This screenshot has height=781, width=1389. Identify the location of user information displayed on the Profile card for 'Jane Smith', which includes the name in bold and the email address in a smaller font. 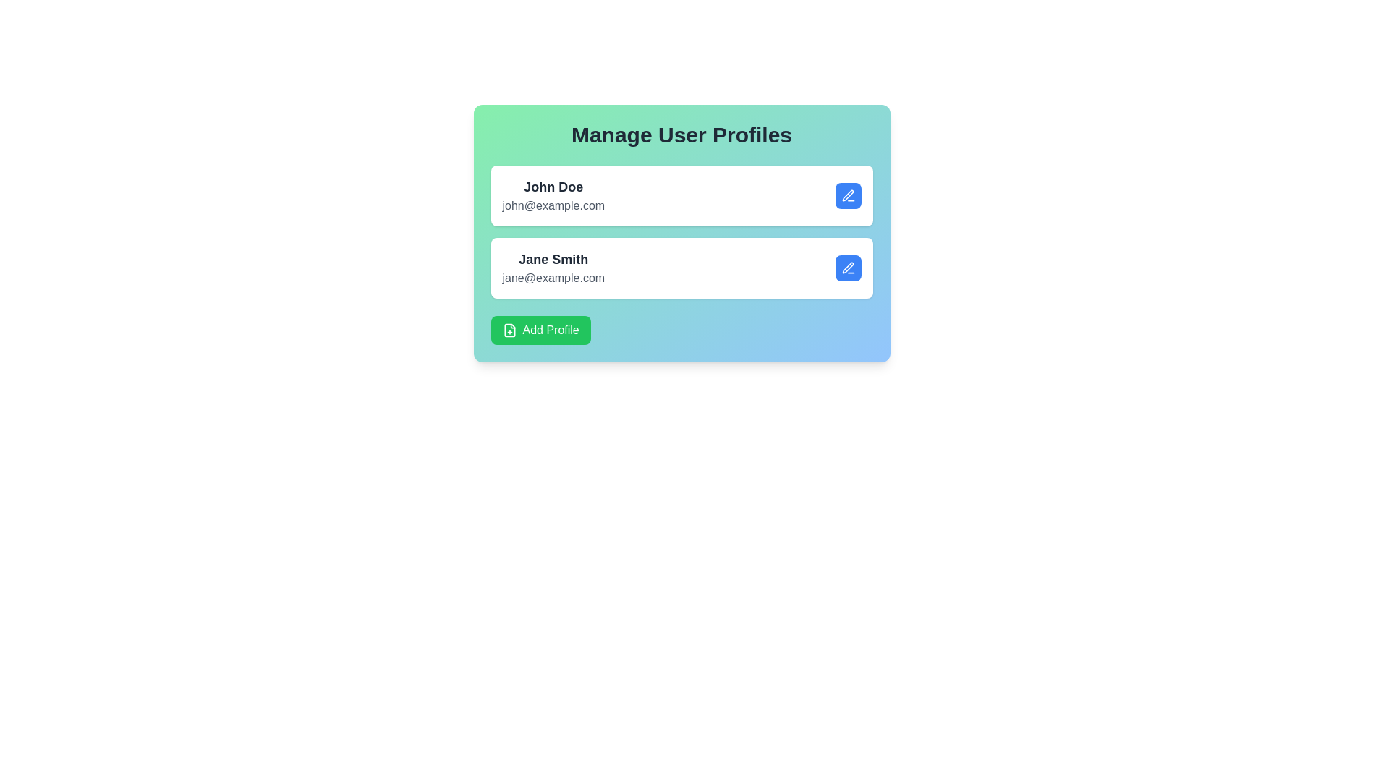
(681, 268).